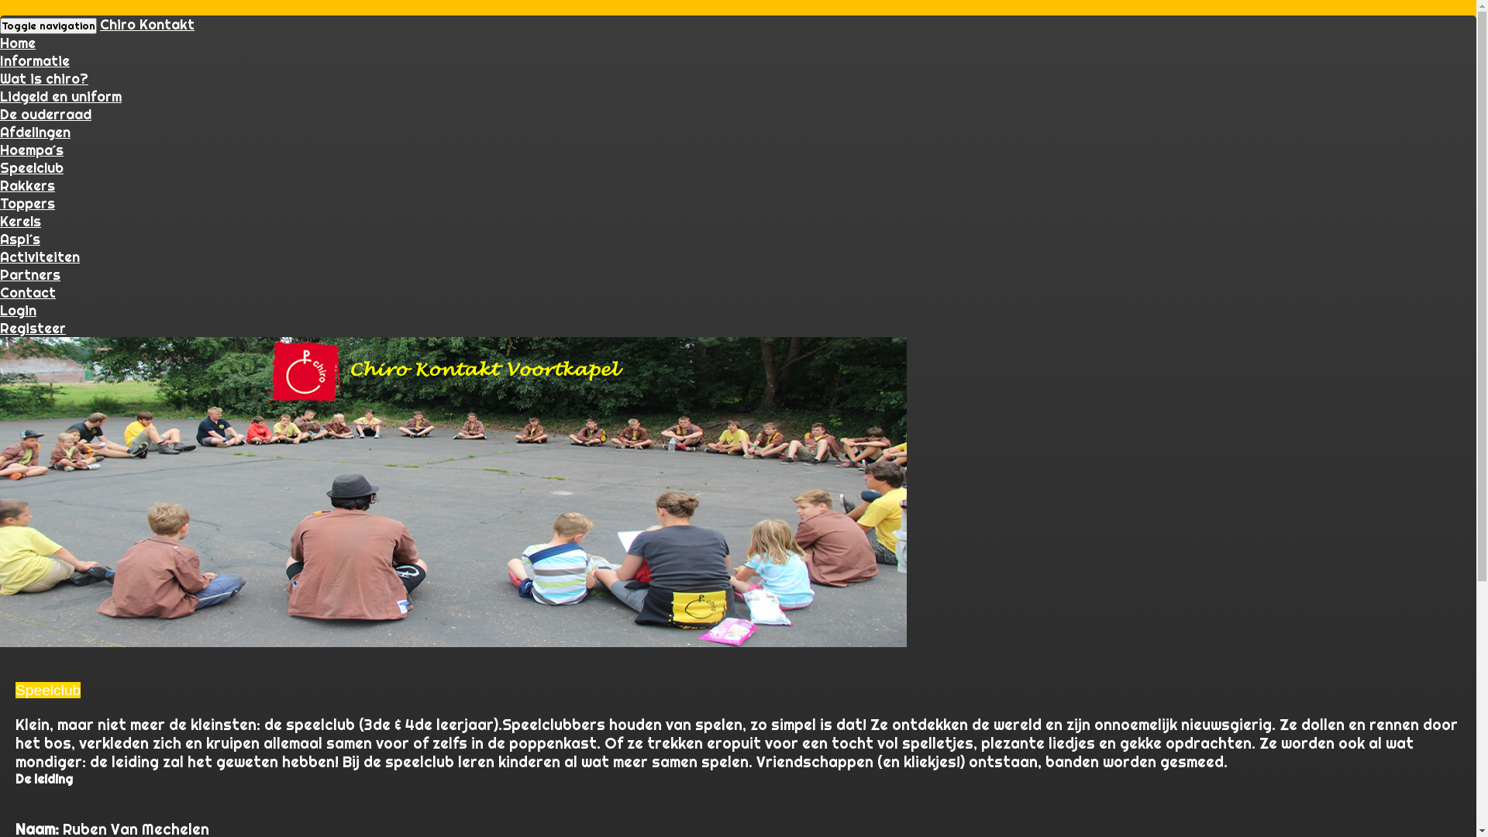  I want to click on 'Wat is chiro?', so click(44, 78).